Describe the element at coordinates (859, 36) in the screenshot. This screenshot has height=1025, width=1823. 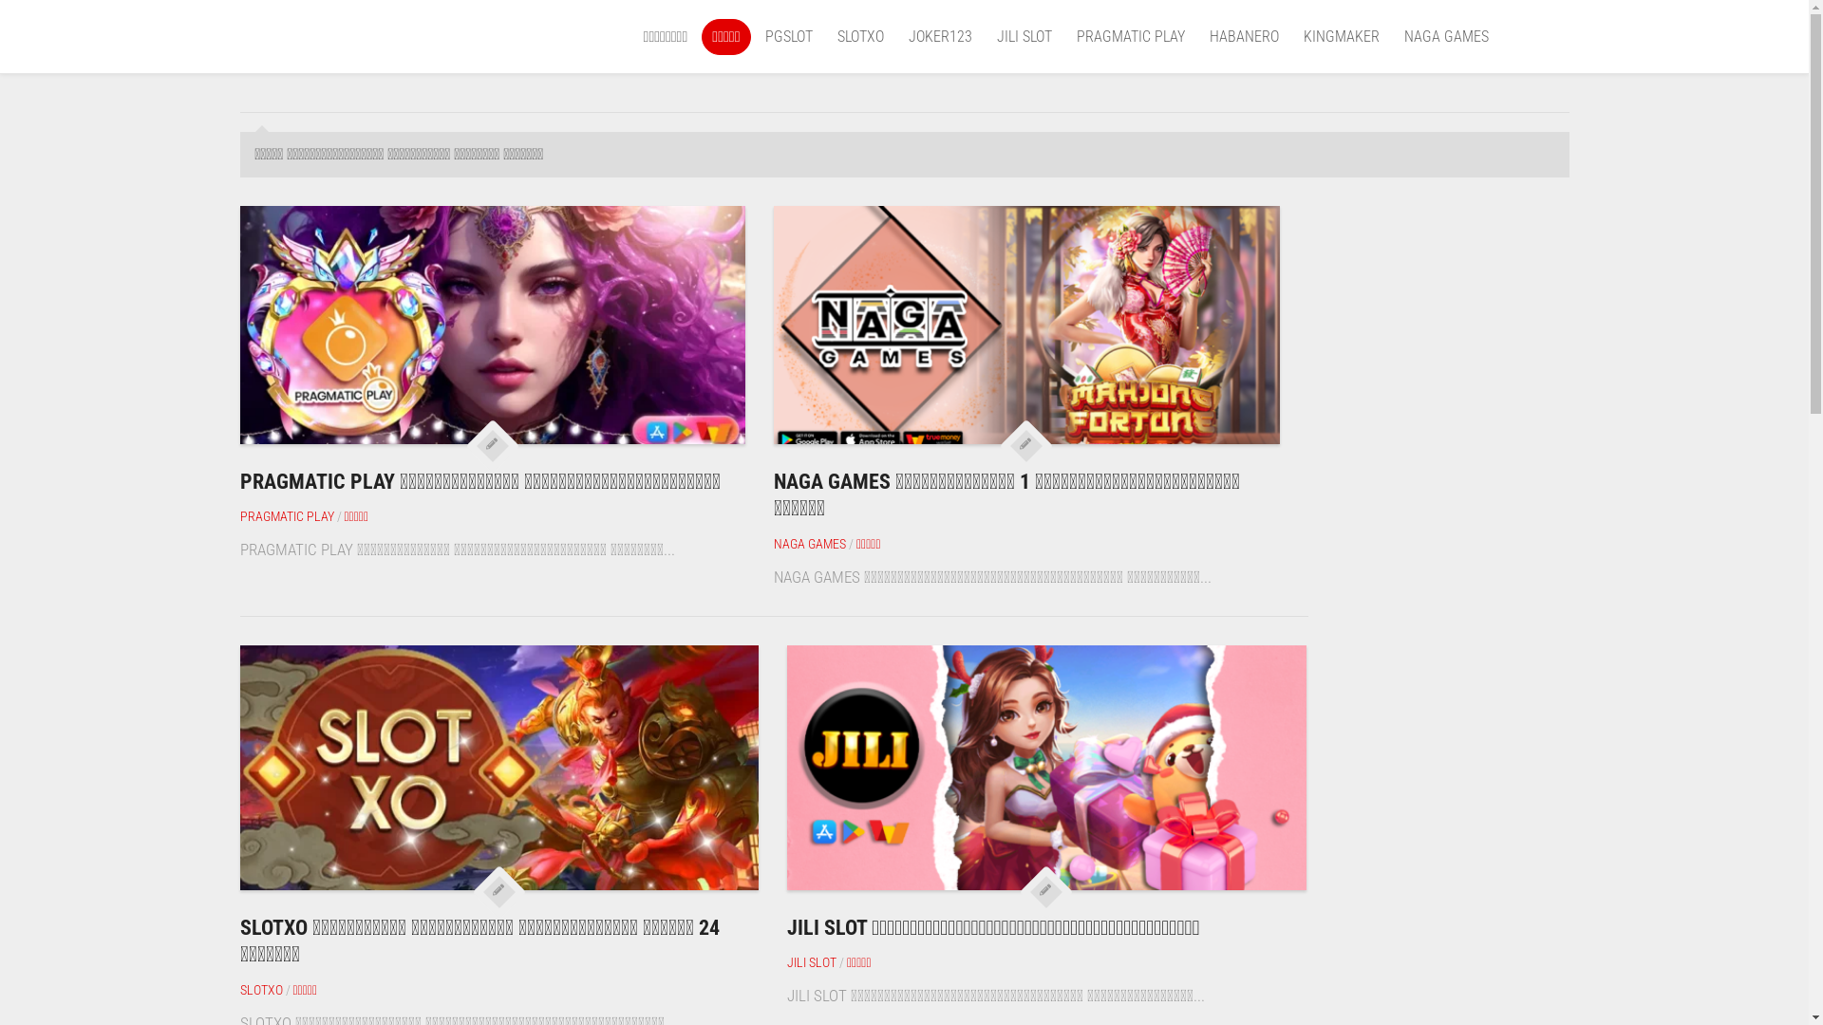
I see `'SLOTXO'` at that location.